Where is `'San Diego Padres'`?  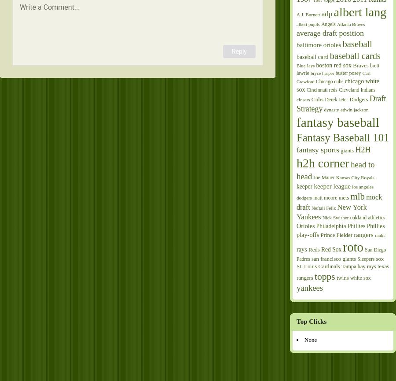
'San Diego Padres' is located at coordinates (341, 254).